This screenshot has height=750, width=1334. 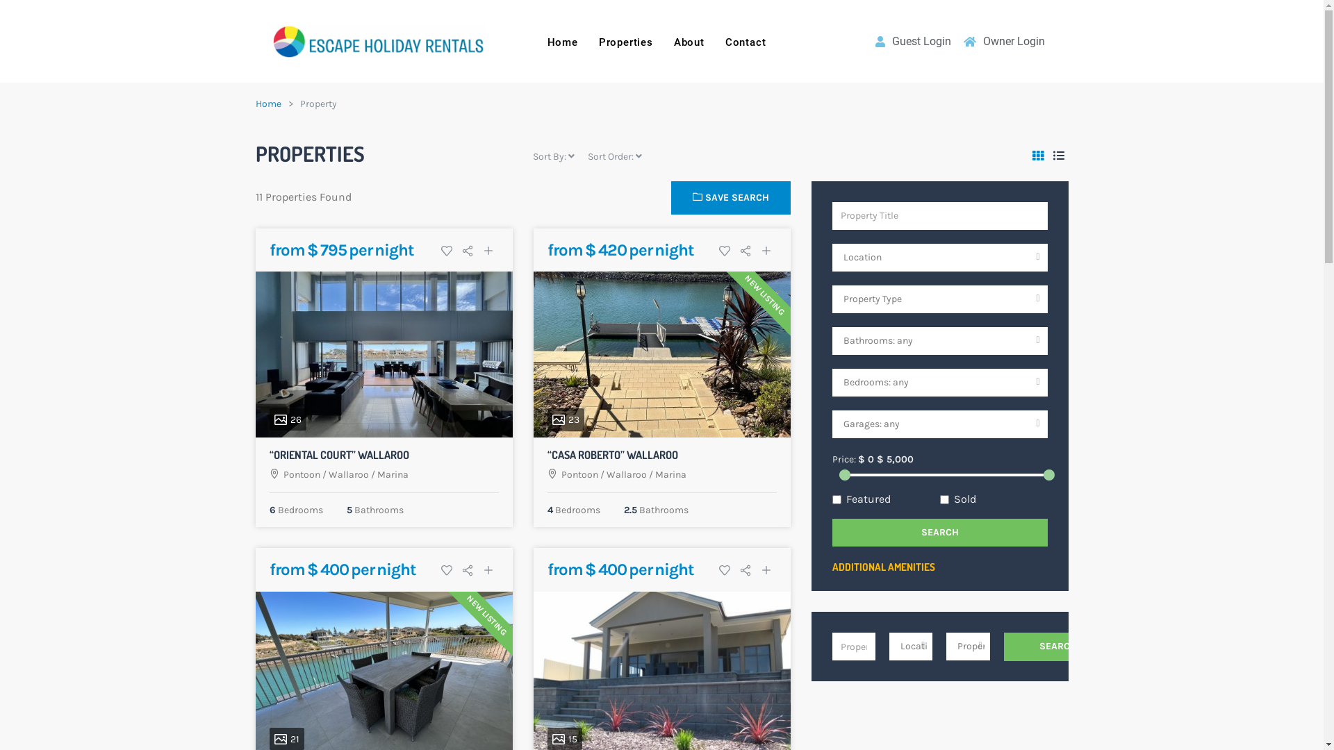 I want to click on 'Home', so click(x=268, y=103).